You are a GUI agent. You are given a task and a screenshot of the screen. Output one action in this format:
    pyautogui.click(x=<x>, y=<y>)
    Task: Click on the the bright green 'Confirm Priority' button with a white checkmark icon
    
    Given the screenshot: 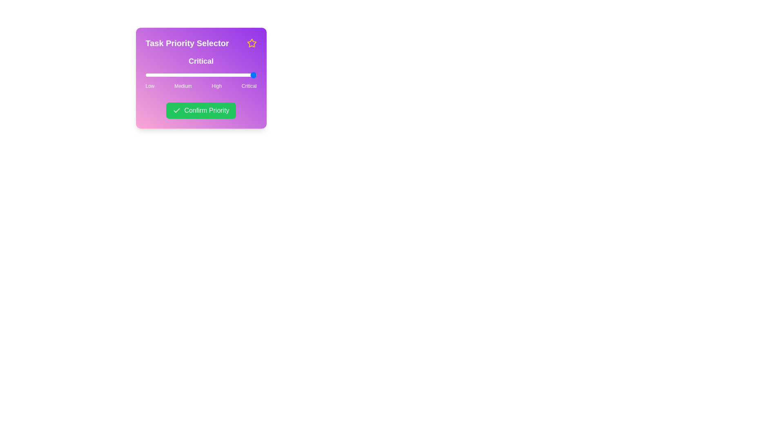 What is the action you would take?
    pyautogui.click(x=201, y=110)
    